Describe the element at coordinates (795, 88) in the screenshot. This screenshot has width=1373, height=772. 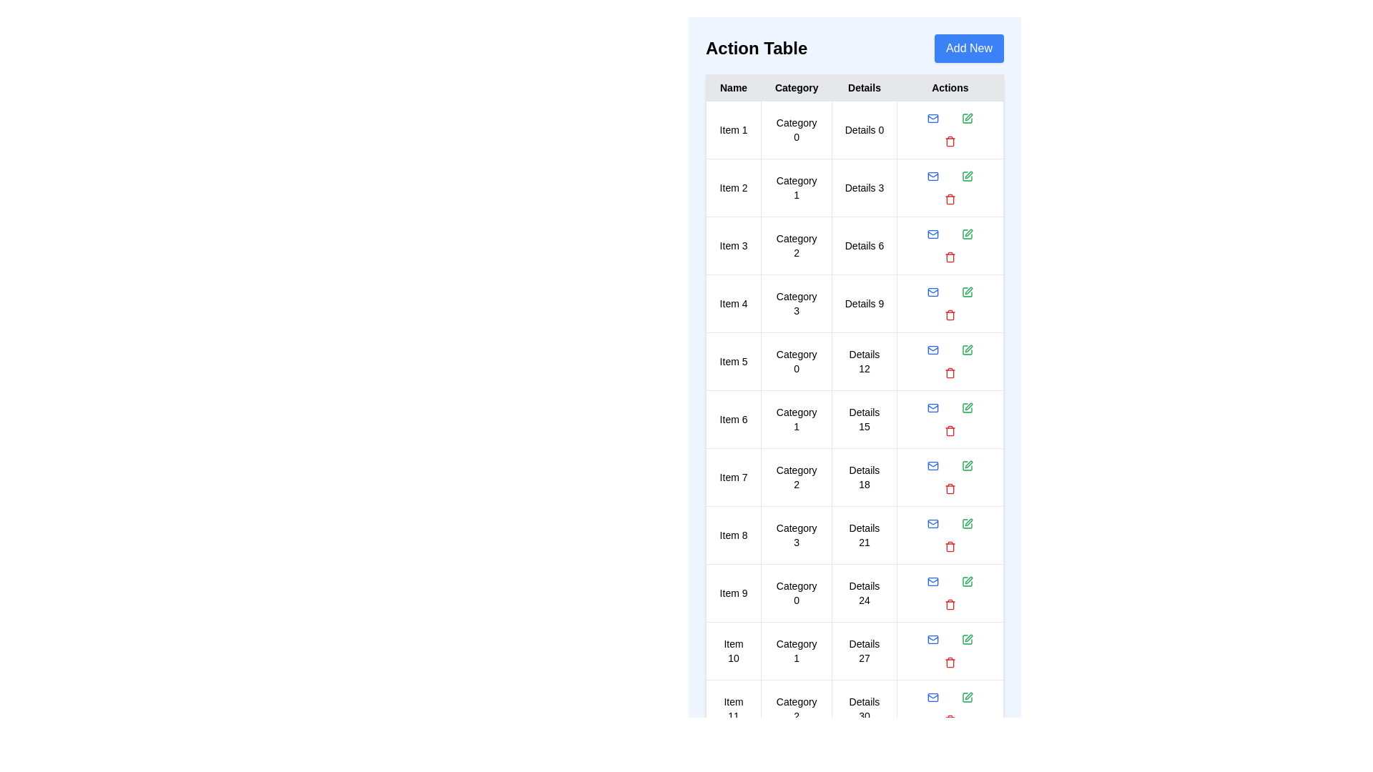
I see `the table header Category to sort or filter the table by that column` at that location.